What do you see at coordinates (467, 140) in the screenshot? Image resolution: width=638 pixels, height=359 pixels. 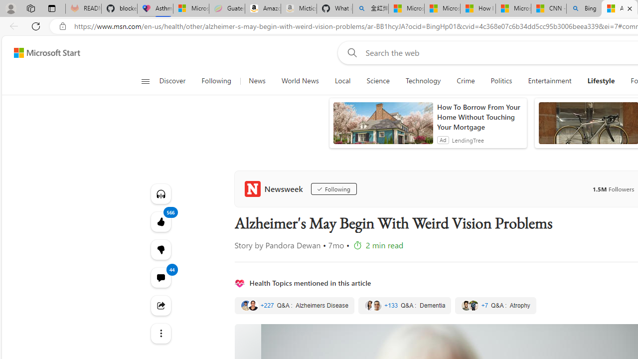 I see `'LendingTree'` at bounding box center [467, 140].